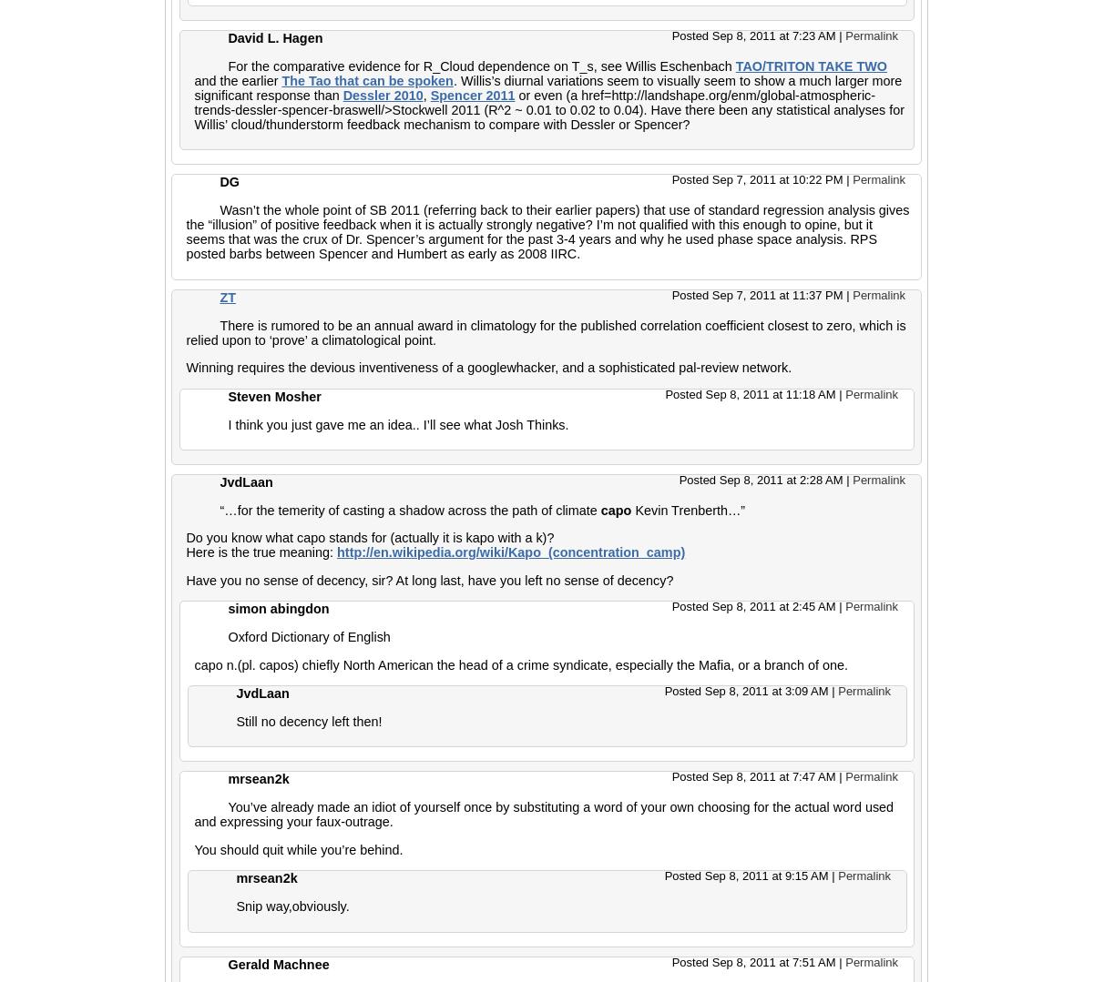 The image size is (1104, 982). I want to click on 'Spencer 2011', so click(471, 95).